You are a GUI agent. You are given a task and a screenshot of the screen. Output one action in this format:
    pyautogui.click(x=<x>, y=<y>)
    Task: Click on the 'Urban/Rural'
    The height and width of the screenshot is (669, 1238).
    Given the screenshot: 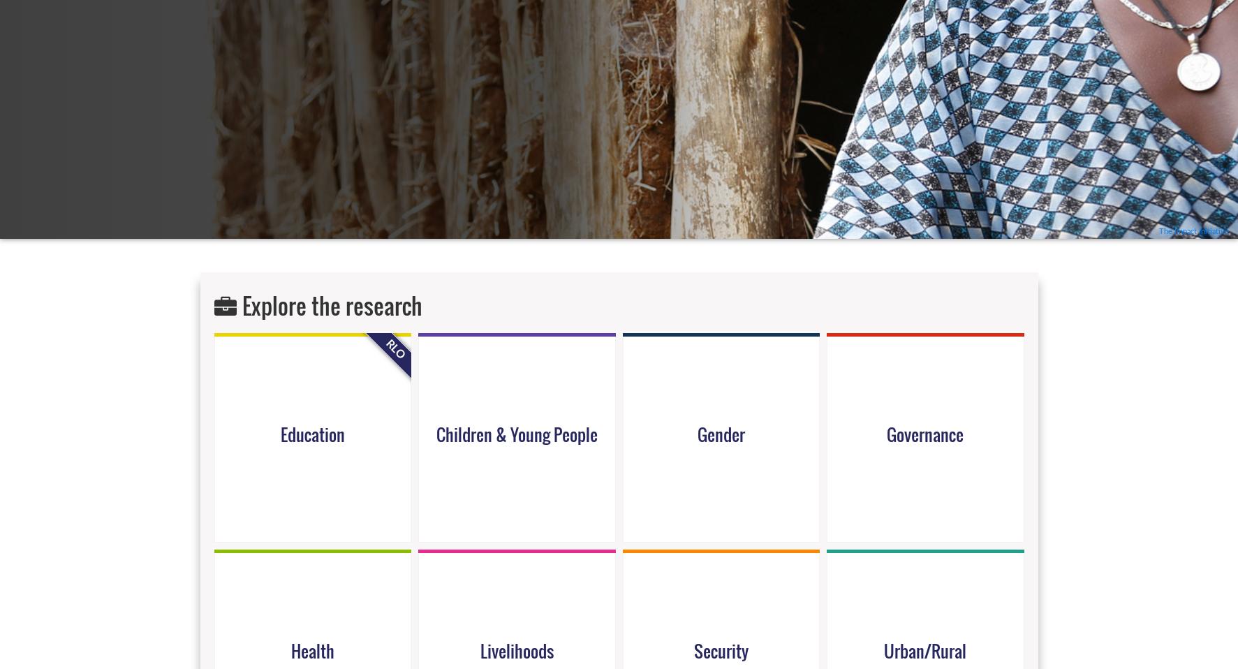 What is the action you would take?
    pyautogui.click(x=924, y=649)
    